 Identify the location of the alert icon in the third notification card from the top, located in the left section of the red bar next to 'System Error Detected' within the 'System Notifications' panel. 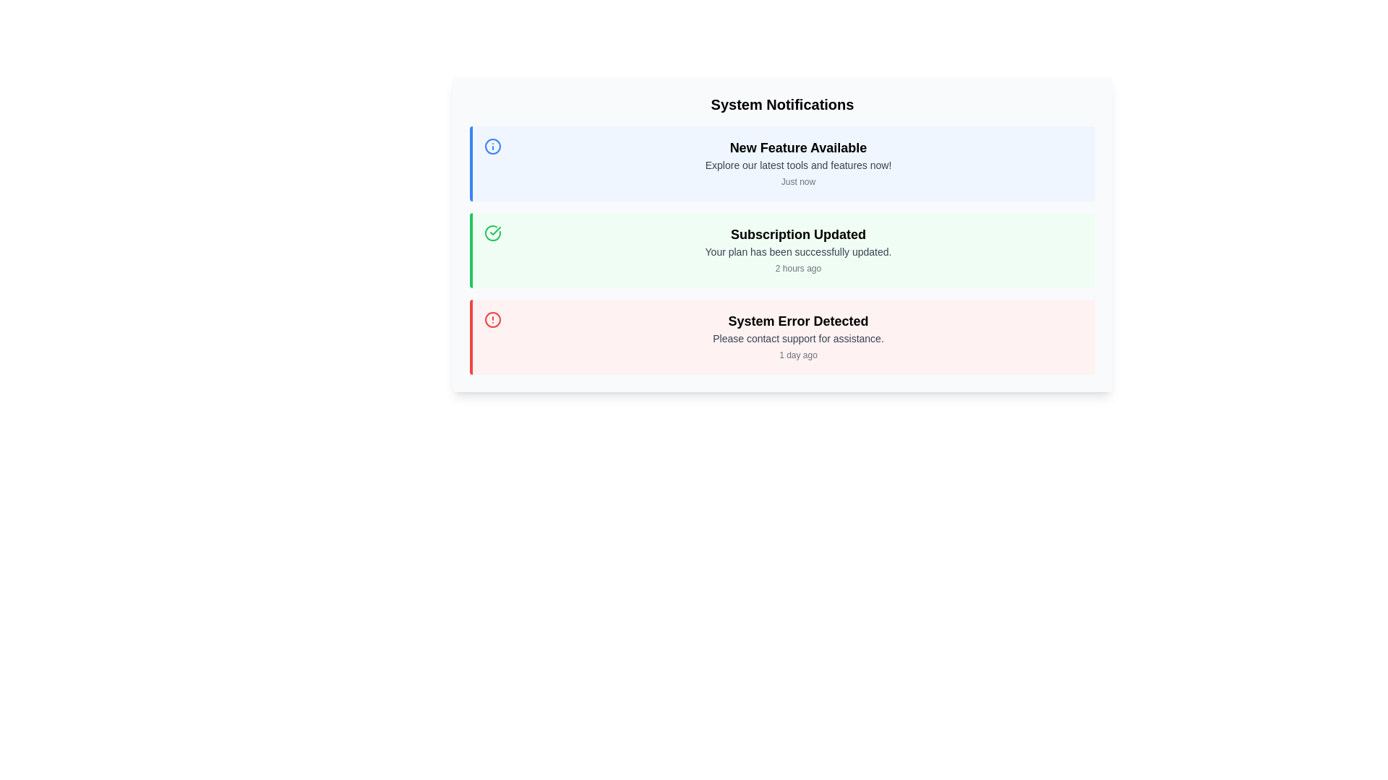
(492, 319).